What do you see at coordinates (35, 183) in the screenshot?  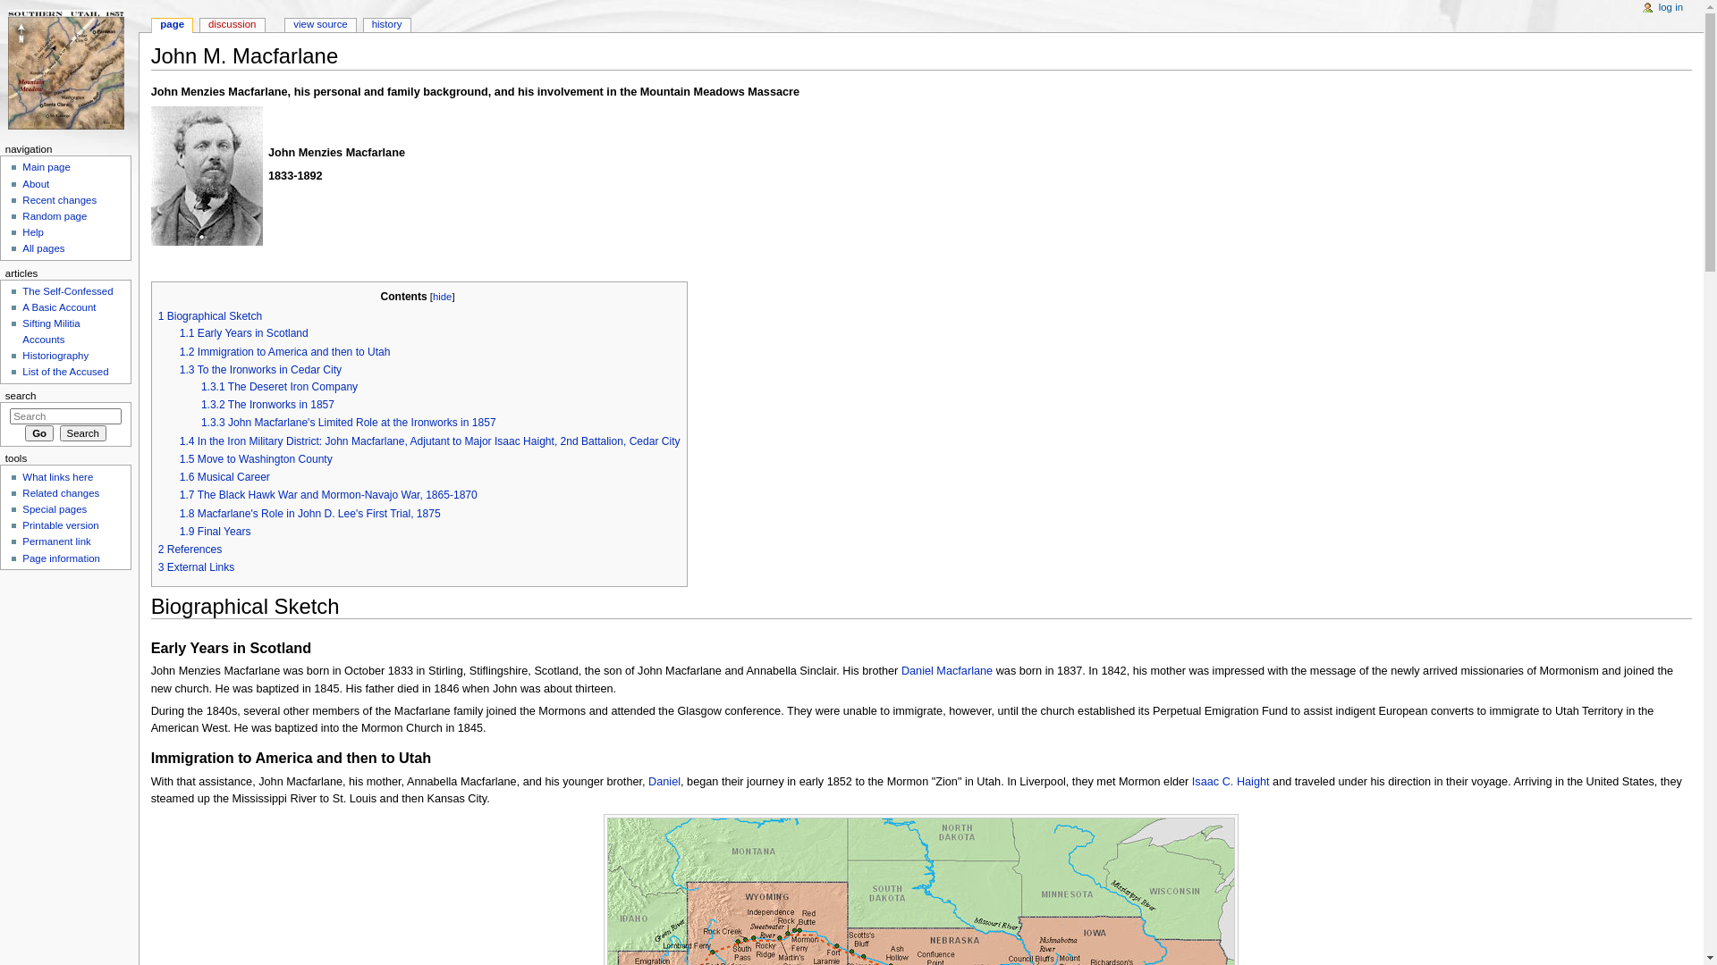 I see `'About'` at bounding box center [35, 183].